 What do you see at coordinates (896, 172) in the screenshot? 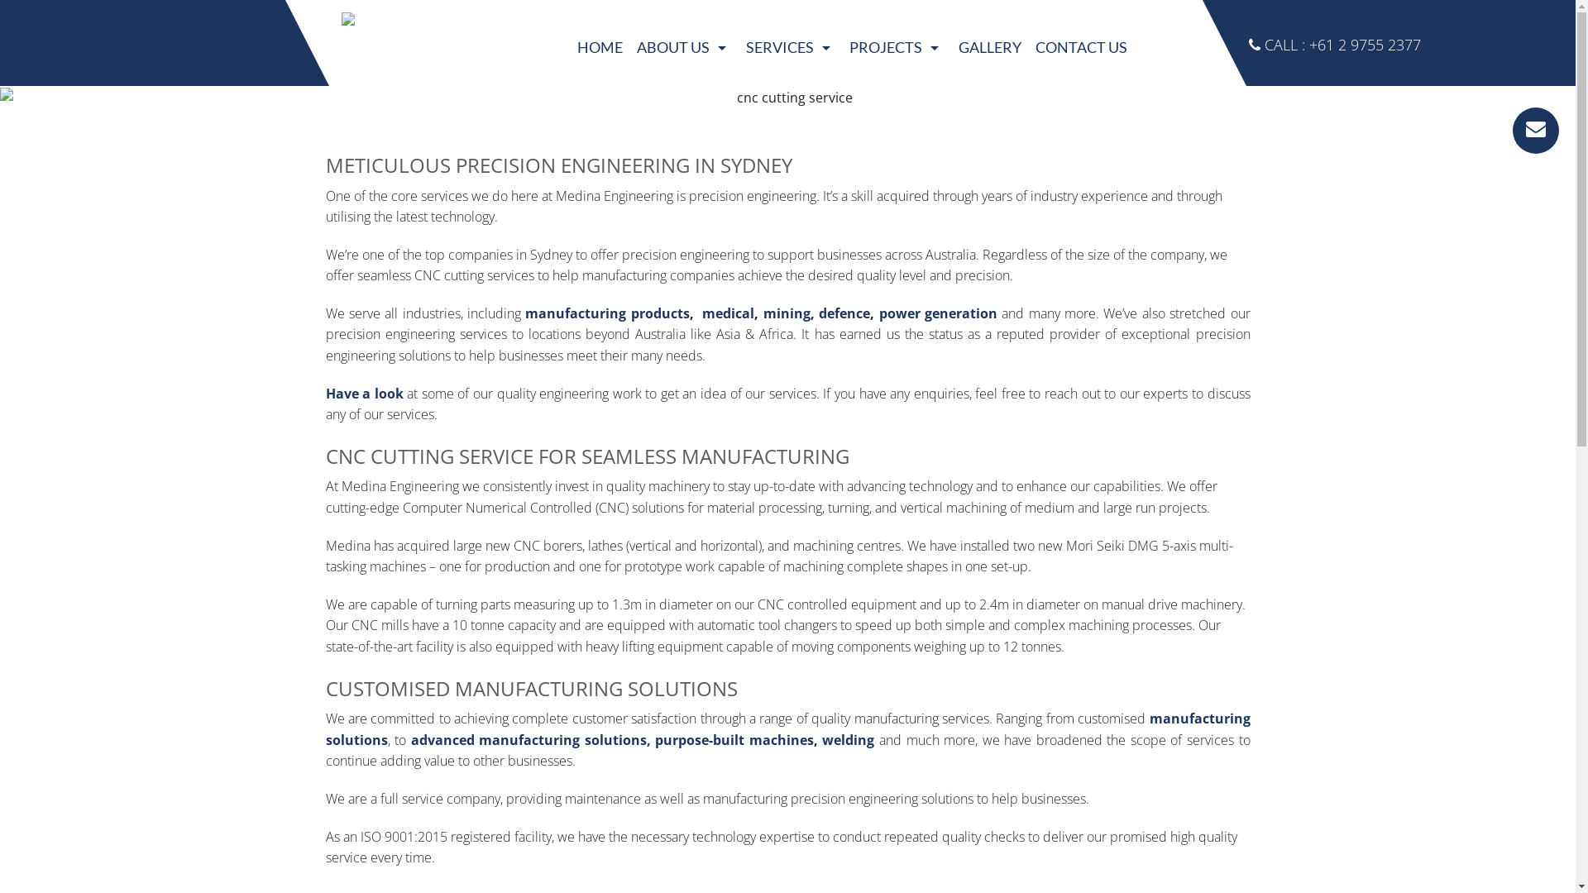
I see `'MEDICAL'` at bounding box center [896, 172].